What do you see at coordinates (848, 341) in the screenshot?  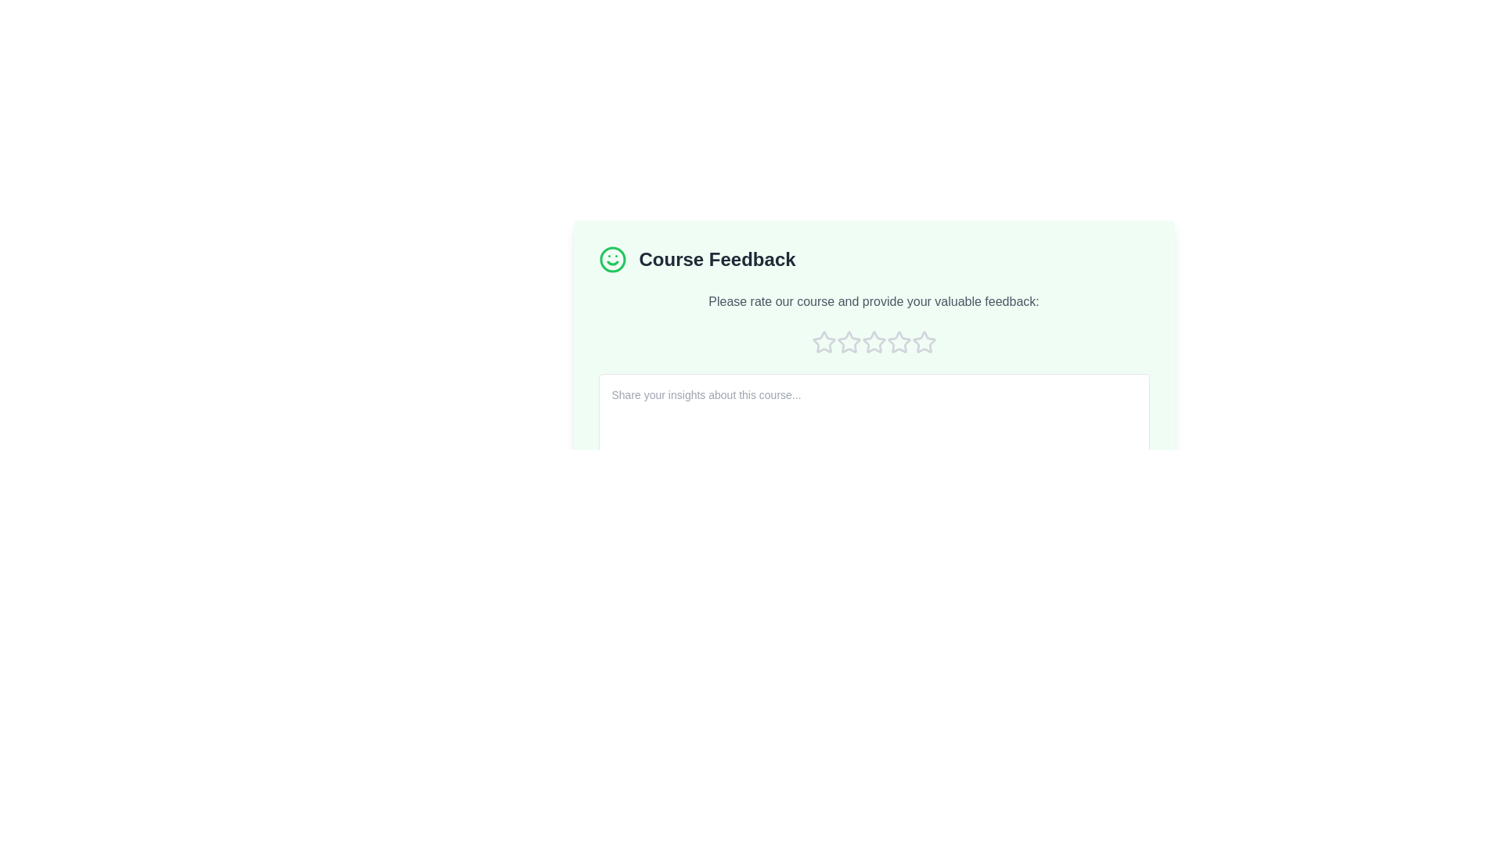 I see `the second star in the rating scale` at bounding box center [848, 341].